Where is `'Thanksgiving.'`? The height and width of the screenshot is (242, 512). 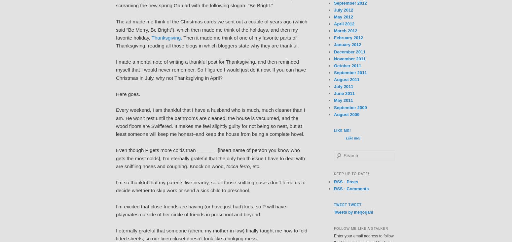
'Thanksgiving.' is located at coordinates (167, 37).